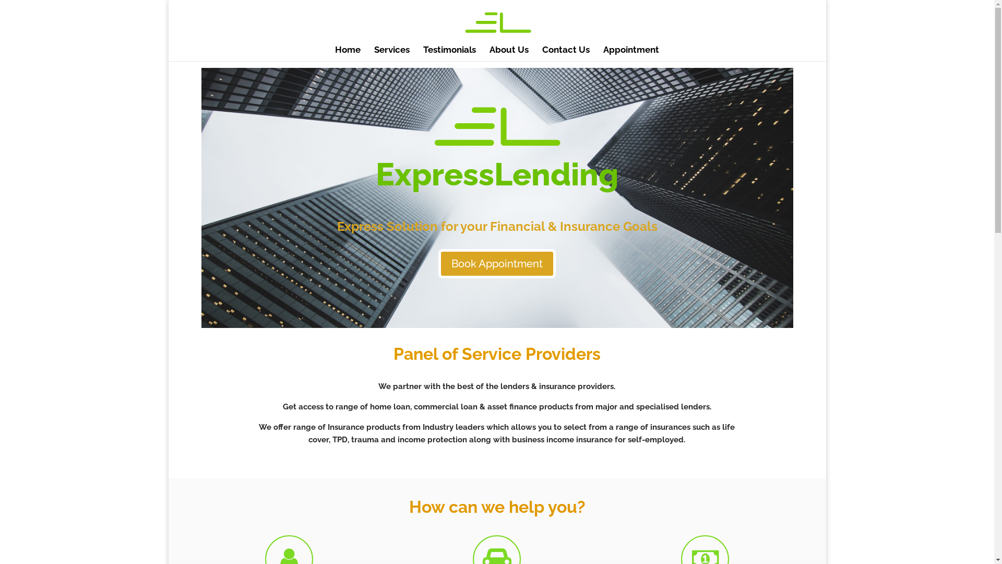 The height and width of the screenshot is (564, 1002). I want to click on 'Book Appointment', so click(496, 263).